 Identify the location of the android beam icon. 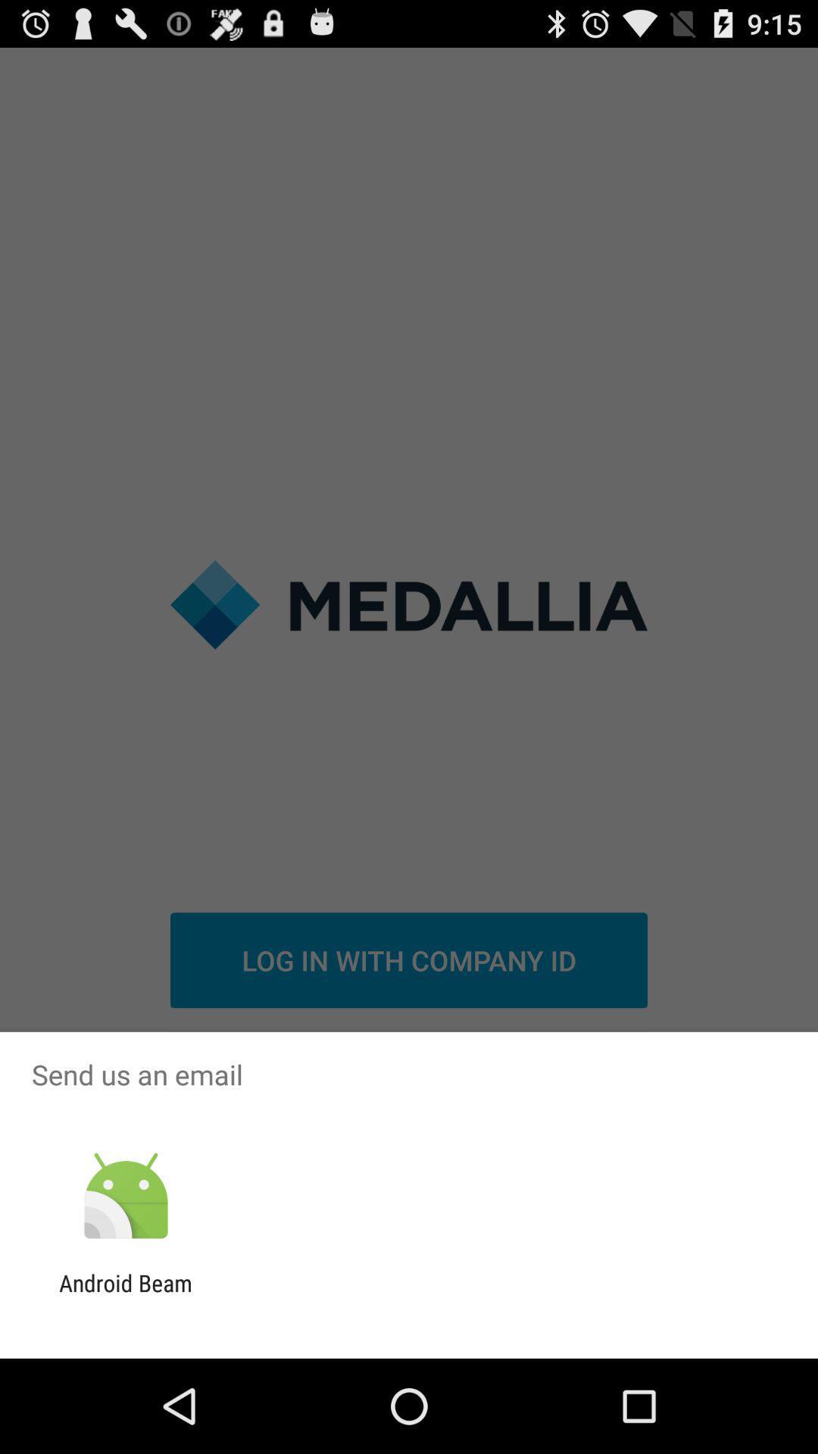
(125, 1296).